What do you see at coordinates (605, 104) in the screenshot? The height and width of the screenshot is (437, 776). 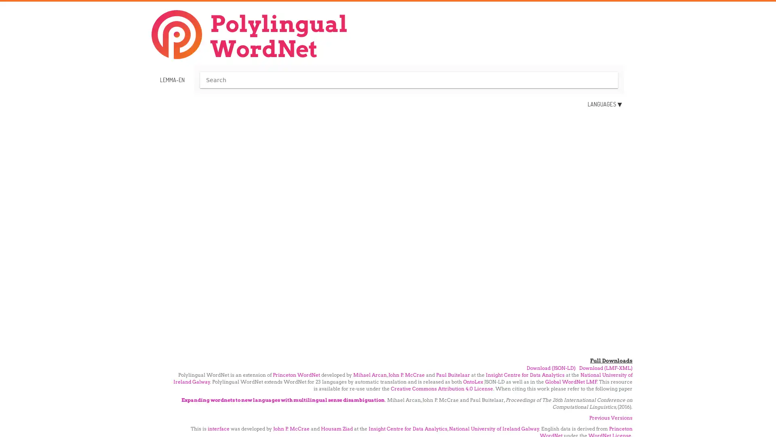 I see `LANGUAGES` at bounding box center [605, 104].